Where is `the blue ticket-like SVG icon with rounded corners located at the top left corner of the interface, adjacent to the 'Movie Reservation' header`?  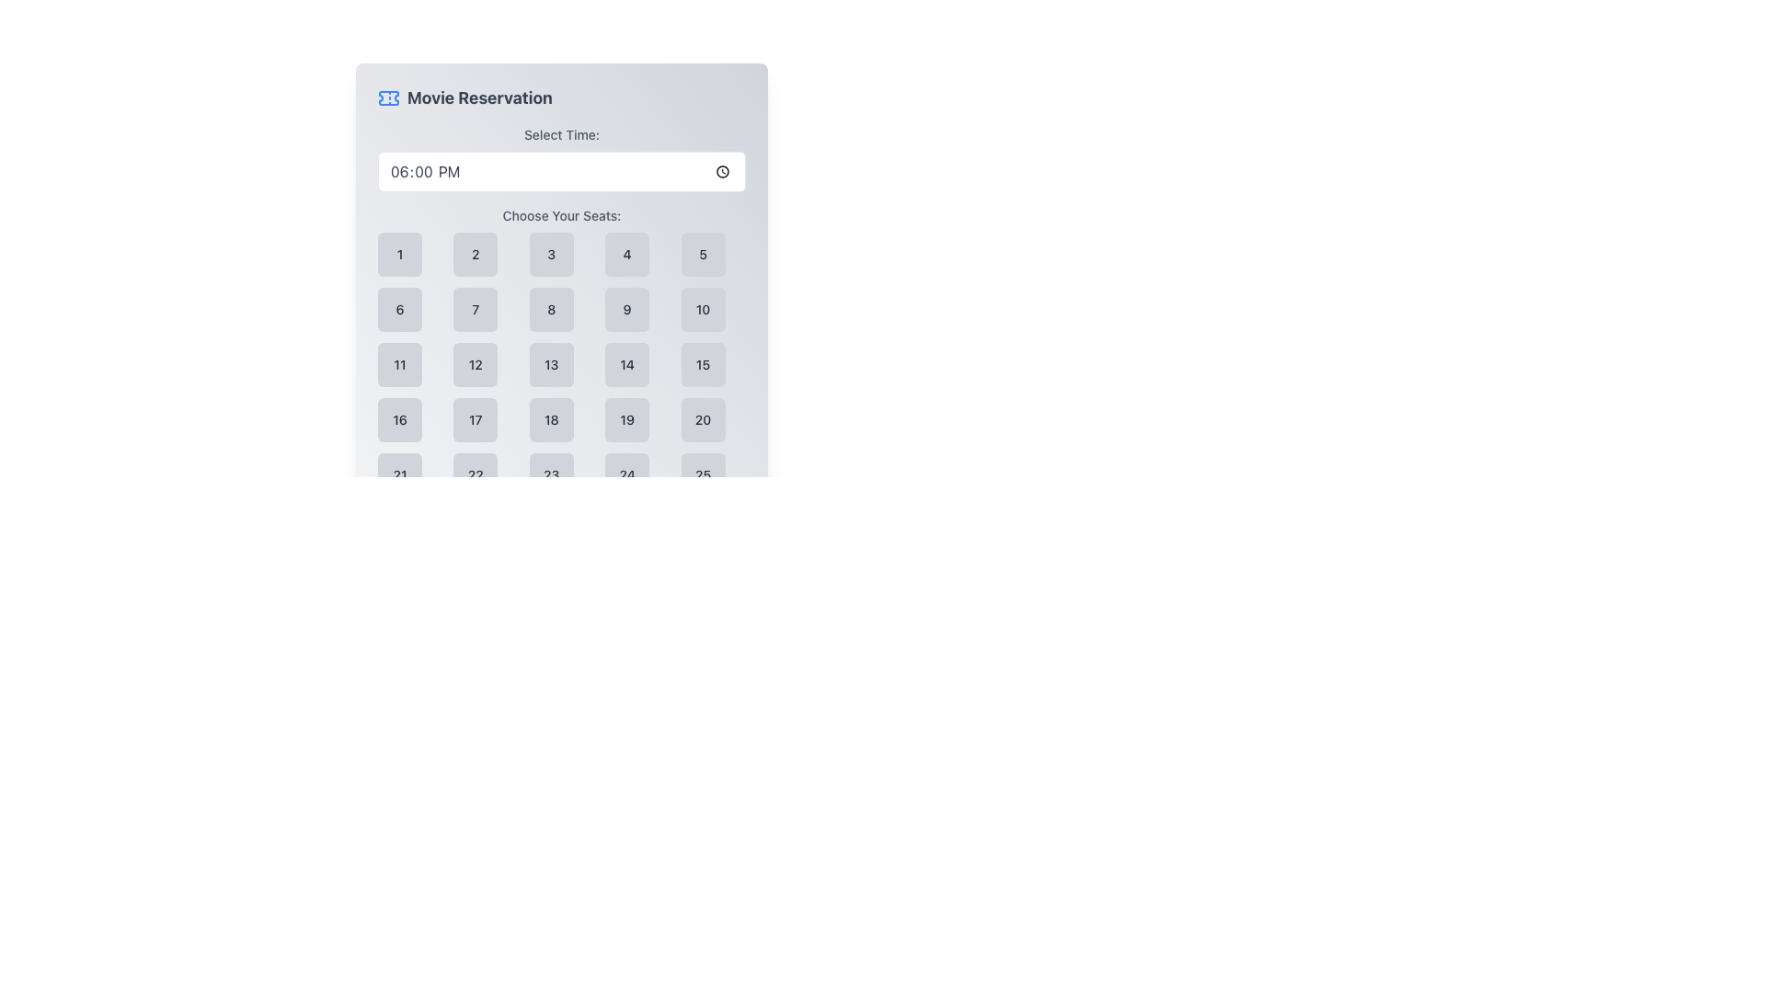 the blue ticket-like SVG icon with rounded corners located at the top left corner of the interface, adjacent to the 'Movie Reservation' header is located at coordinates (387, 98).